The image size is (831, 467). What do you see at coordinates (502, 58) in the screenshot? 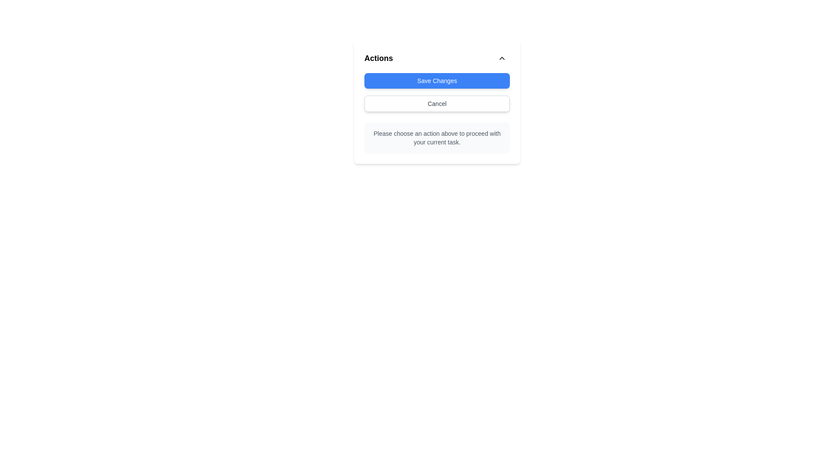
I see `the circular button with an up-facing chevron icon located at the top-right corner of the 'Actions' panel` at bounding box center [502, 58].